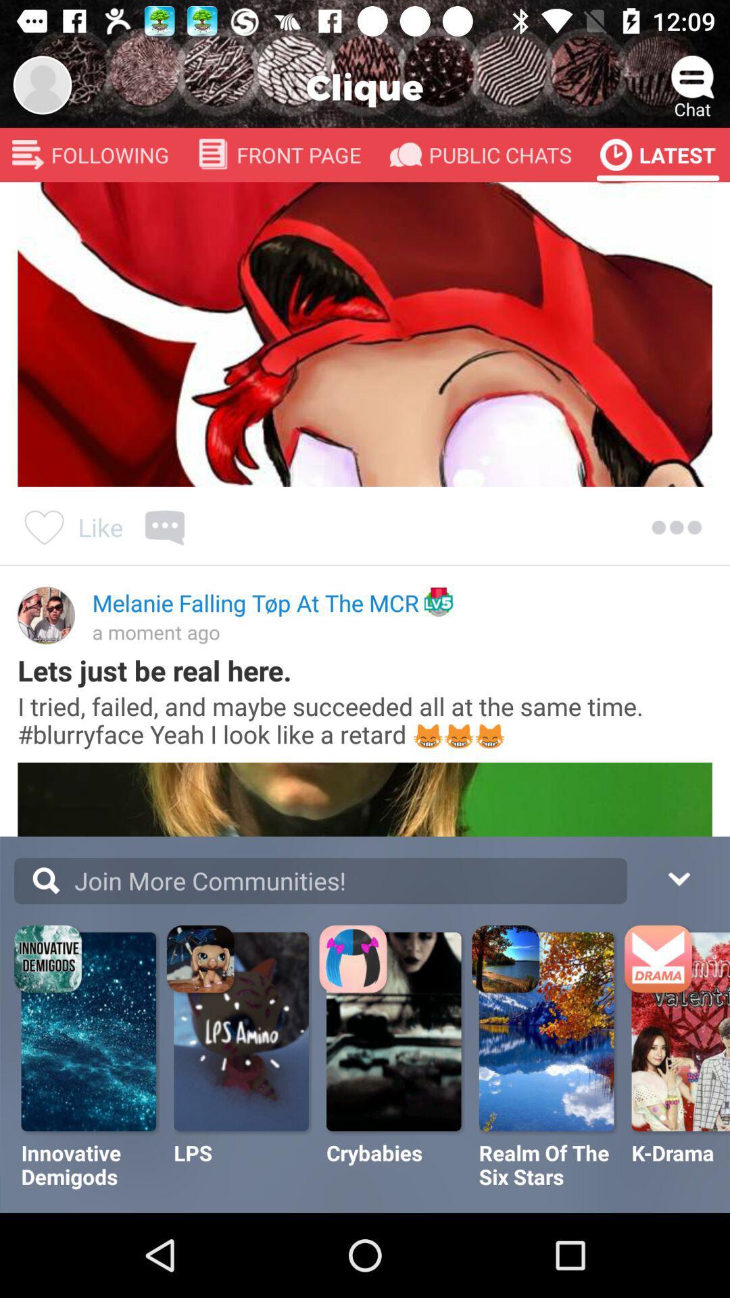 The width and height of the screenshot is (730, 1298). What do you see at coordinates (616, 155) in the screenshot?
I see `the latest  icon` at bounding box center [616, 155].